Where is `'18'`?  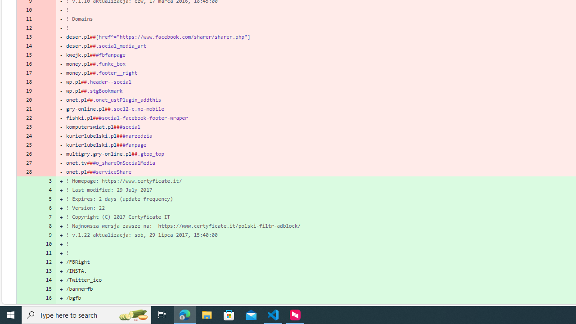
'18' is located at coordinates (26, 82).